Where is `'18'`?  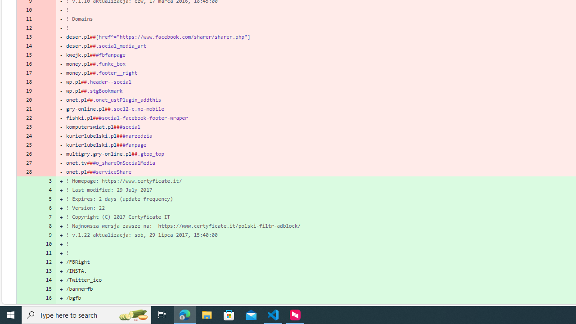
'18' is located at coordinates (26, 82).